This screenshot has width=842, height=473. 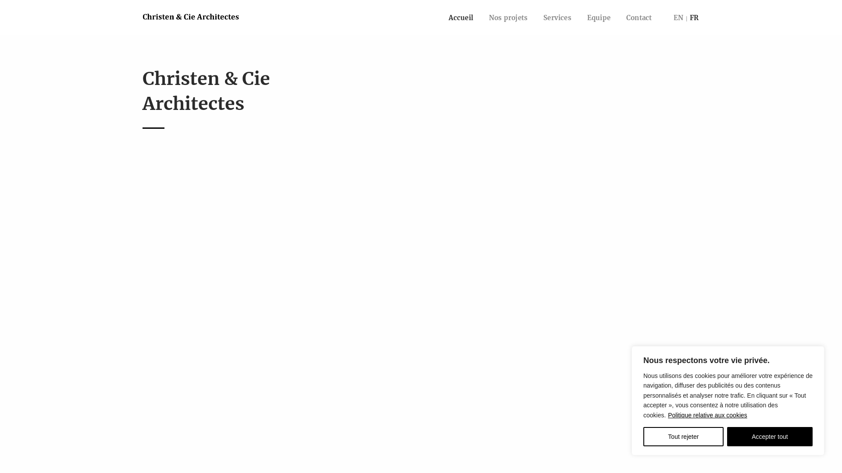 What do you see at coordinates (769, 436) in the screenshot?
I see `'Accepter tout'` at bounding box center [769, 436].